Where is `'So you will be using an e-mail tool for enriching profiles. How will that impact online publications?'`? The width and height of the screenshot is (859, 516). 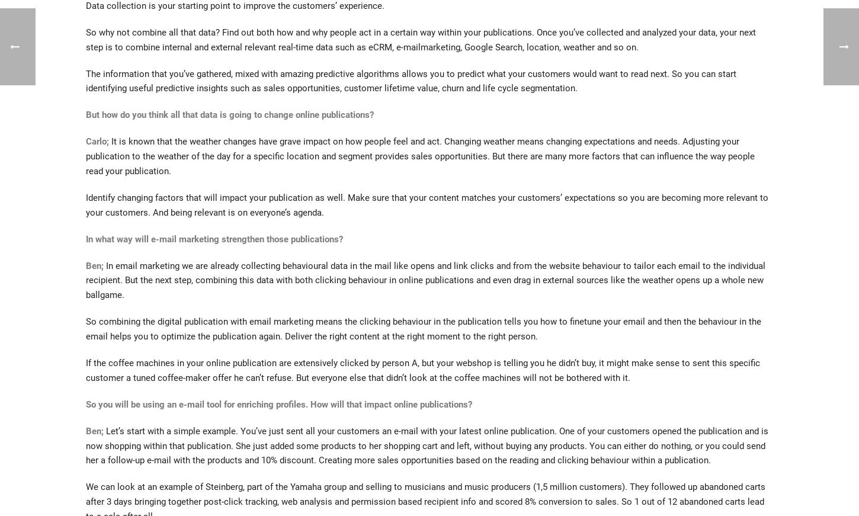
'So you will be using an e-mail tool for enriching profiles. How will that impact online publications?' is located at coordinates (85, 403).